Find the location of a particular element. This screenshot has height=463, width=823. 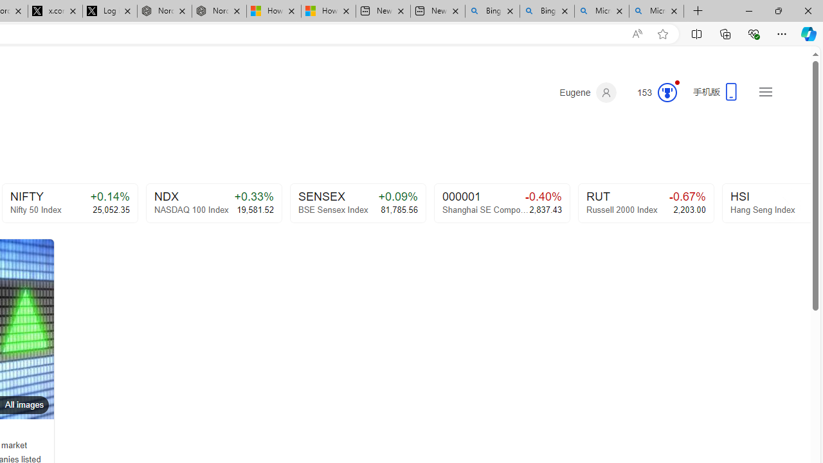

'Settings and quick links' is located at coordinates (766, 91).